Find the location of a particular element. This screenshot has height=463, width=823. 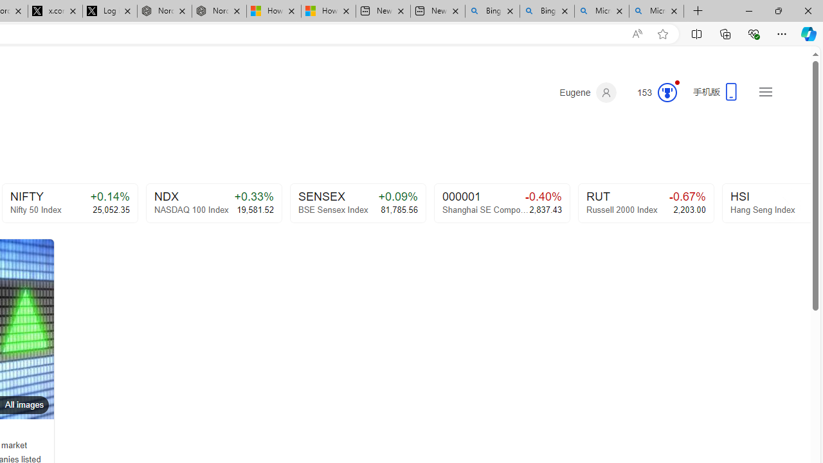

'Settings and quick links' is located at coordinates (766, 91).